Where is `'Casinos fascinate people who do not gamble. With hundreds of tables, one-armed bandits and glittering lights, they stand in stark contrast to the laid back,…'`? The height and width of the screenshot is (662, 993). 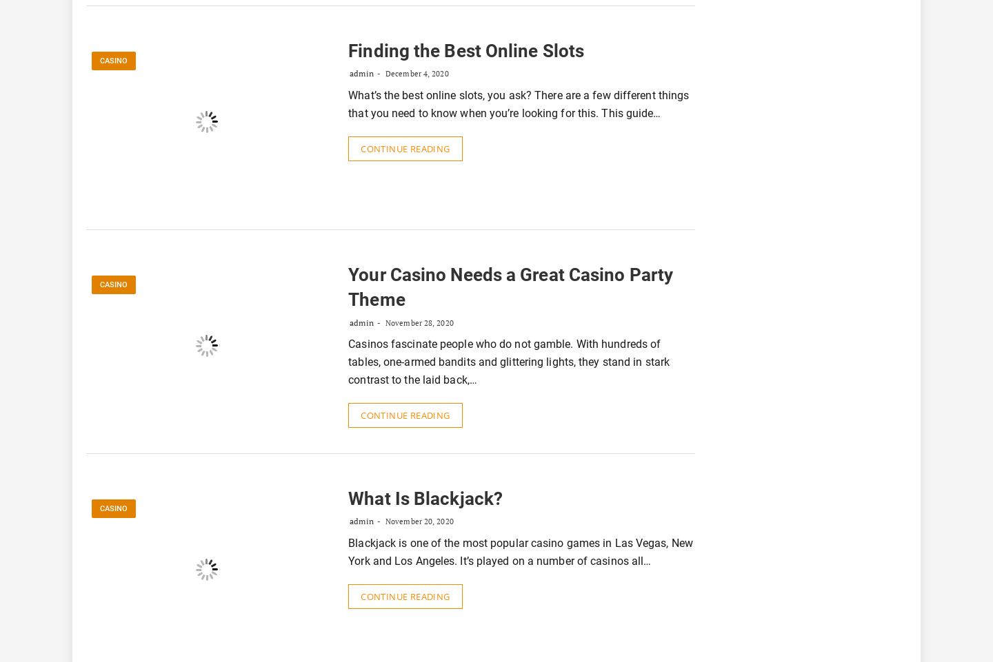
'Casinos fascinate people who do not gamble. With hundreds of tables, one-armed bandits and glittering lights, they stand in stark contrast to the laid back,…' is located at coordinates (508, 362).